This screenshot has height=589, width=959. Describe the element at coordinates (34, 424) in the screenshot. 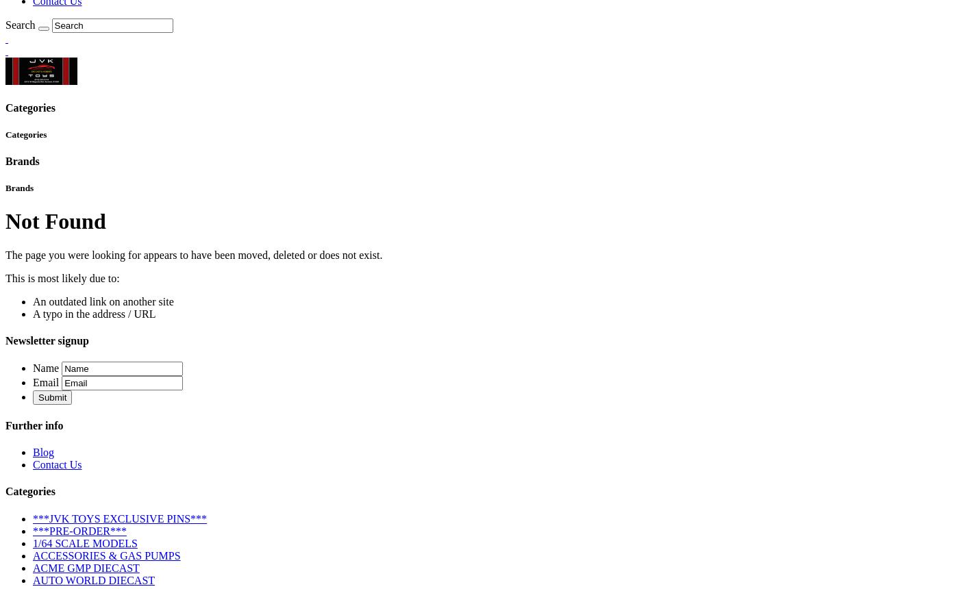

I see `'Further info'` at that location.